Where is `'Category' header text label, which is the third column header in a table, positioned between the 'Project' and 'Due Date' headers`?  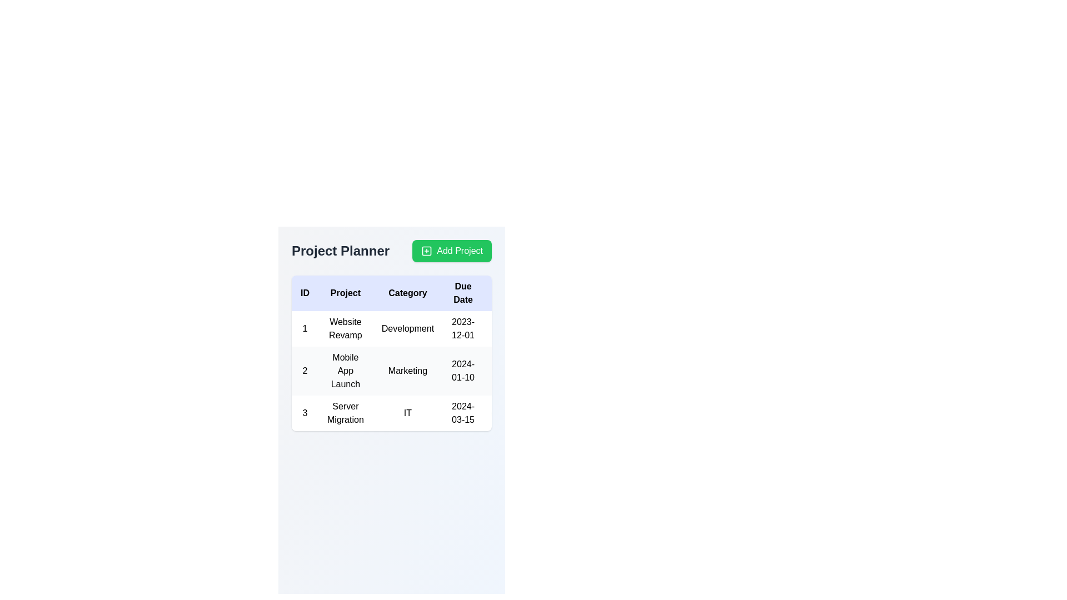 'Category' header text label, which is the third column header in a table, positioned between the 'Project' and 'Due Date' headers is located at coordinates (407, 293).